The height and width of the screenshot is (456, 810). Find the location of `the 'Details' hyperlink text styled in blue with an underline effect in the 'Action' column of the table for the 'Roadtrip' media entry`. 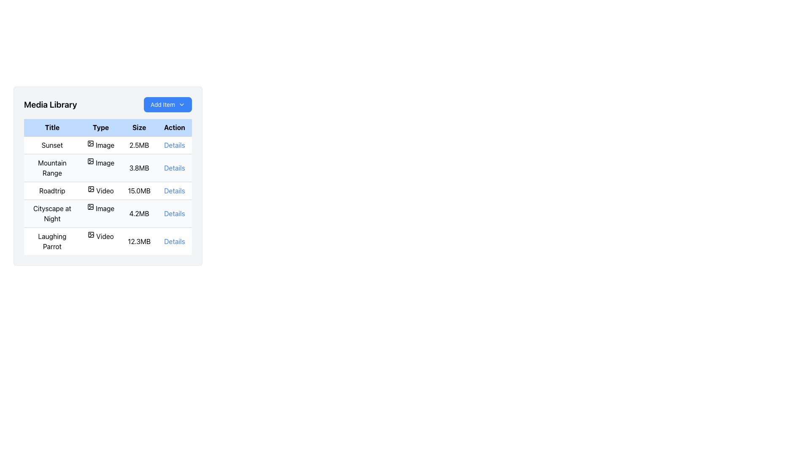

the 'Details' hyperlink text styled in blue with an underline effect in the 'Action' column of the table for the 'Roadtrip' media entry is located at coordinates (174, 190).